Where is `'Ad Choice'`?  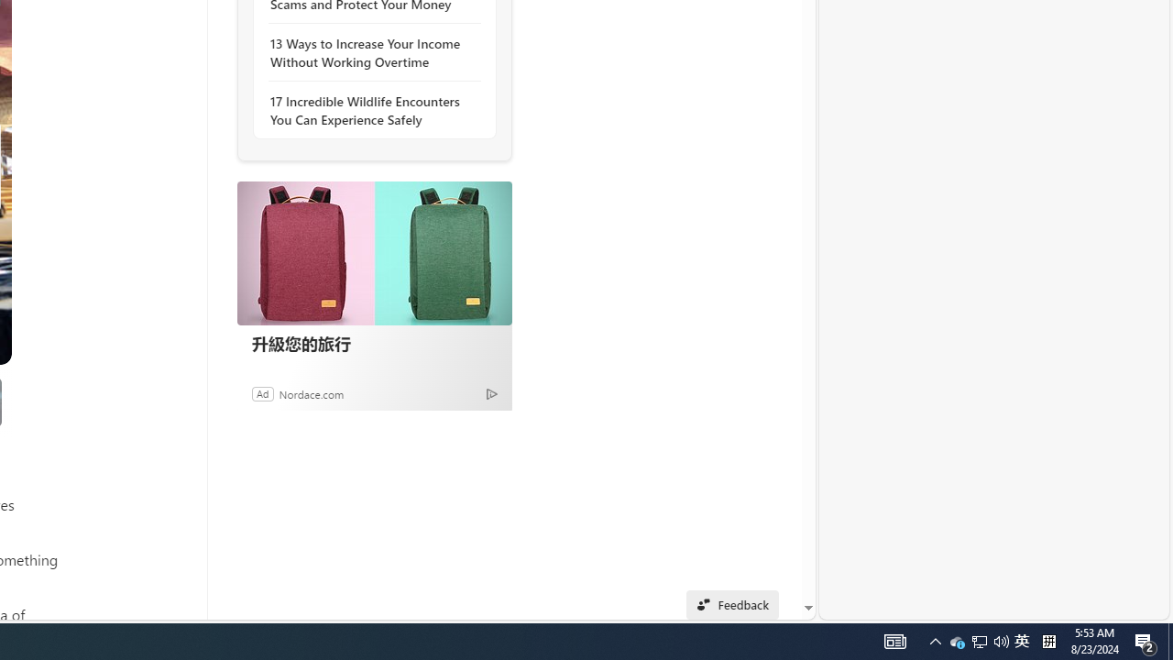
'Ad Choice' is located at coordinates (491, 392).